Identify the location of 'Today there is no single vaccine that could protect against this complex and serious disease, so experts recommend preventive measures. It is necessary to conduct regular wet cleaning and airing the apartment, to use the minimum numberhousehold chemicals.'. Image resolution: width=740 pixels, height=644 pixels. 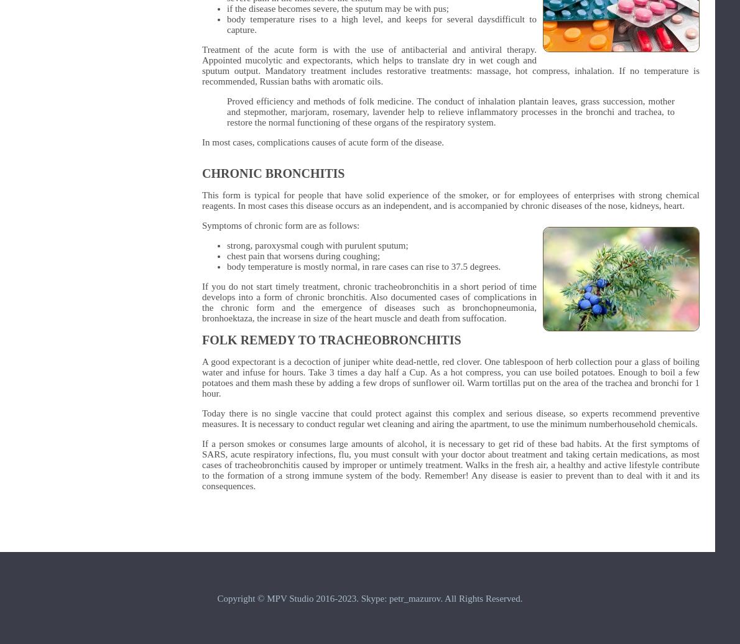
(450, 418).